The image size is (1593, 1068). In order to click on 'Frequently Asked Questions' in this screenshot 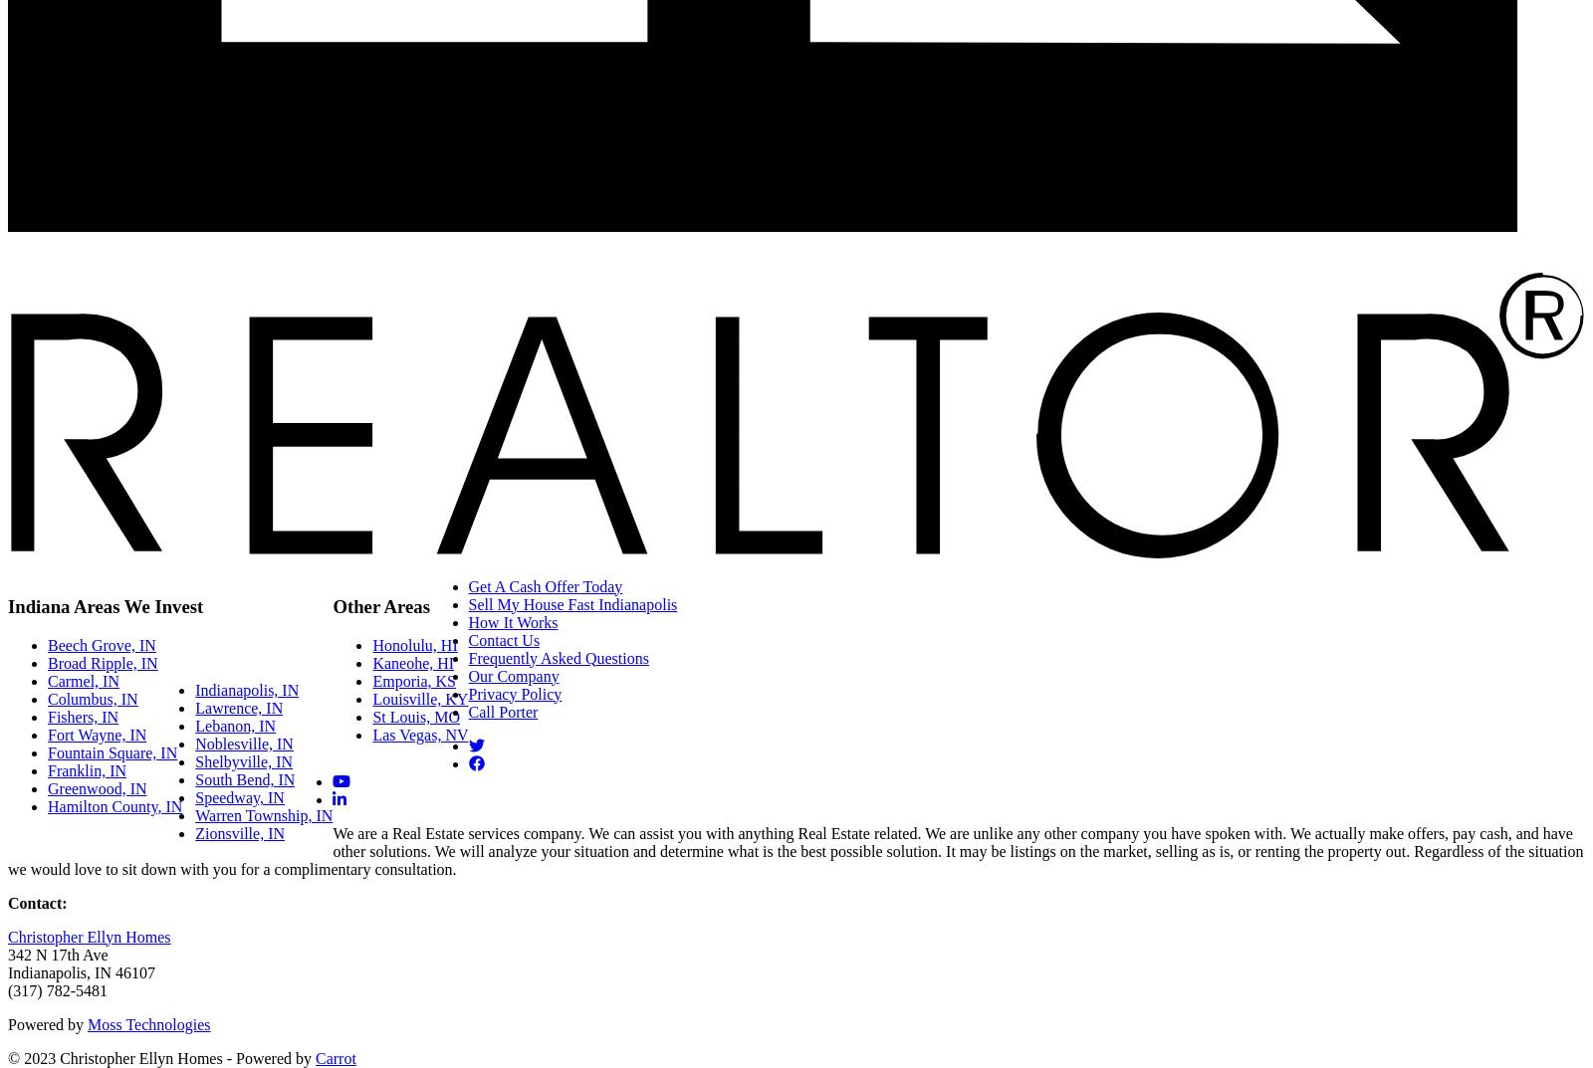, I will do `click(557, 657)`.